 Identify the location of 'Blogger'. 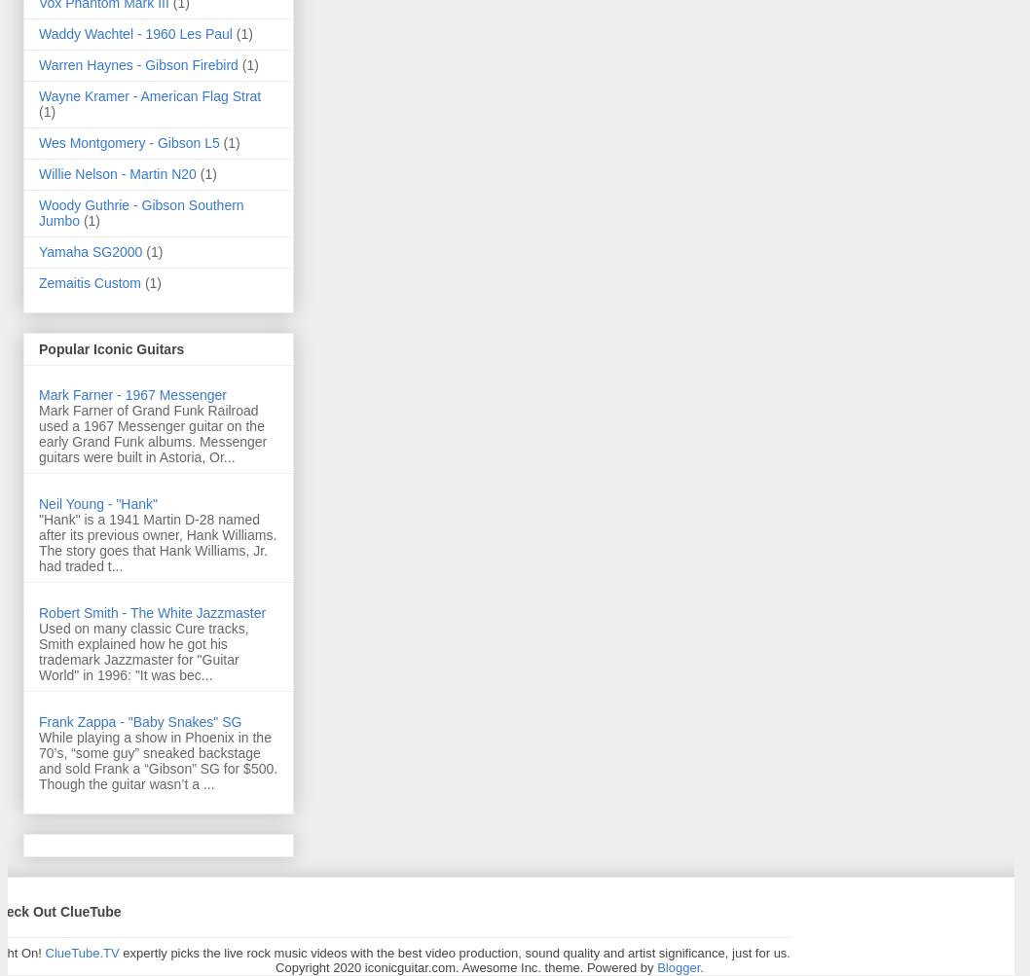
(678, 965).